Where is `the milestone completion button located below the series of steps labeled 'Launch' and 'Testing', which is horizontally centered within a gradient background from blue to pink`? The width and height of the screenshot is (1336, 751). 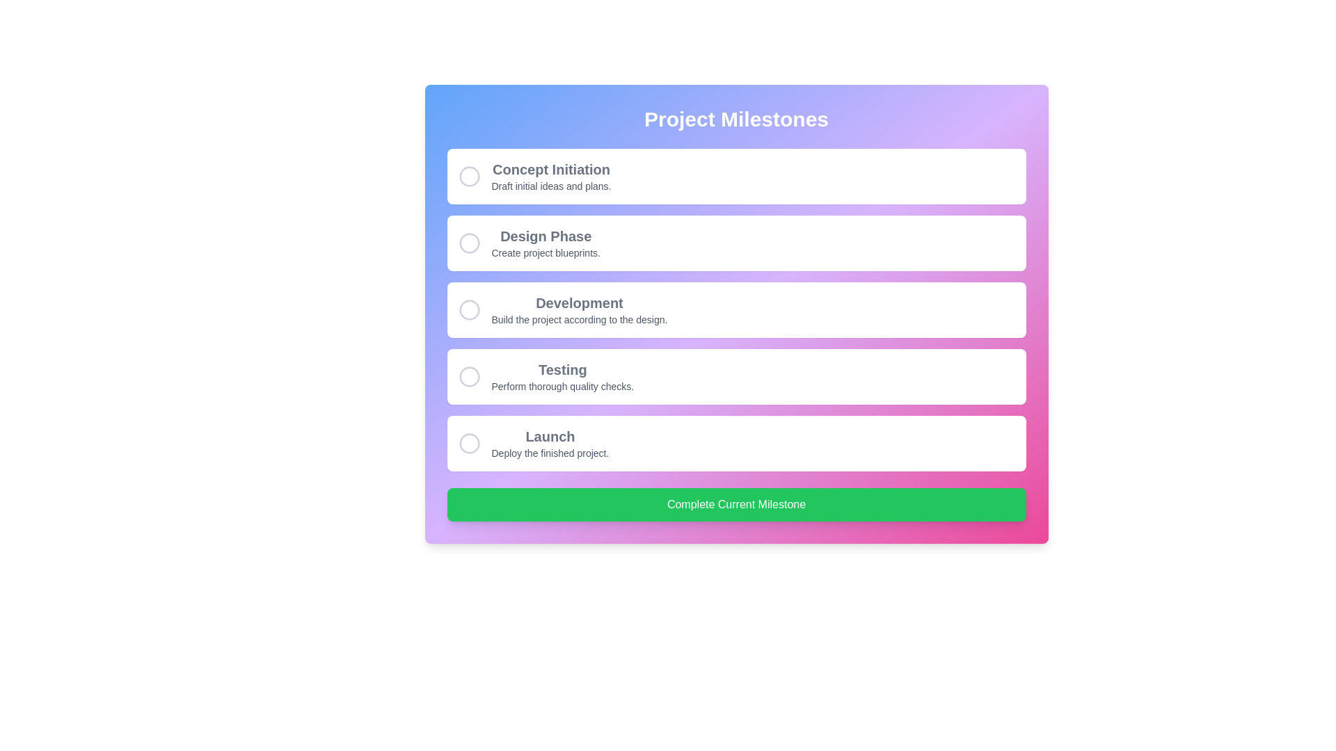
the milestone completion button located below the series of steps labeled 'Launch' and 'Testing', which is horizontally centered within a gradient background from blue to pink is located at coordinates (735, 504).